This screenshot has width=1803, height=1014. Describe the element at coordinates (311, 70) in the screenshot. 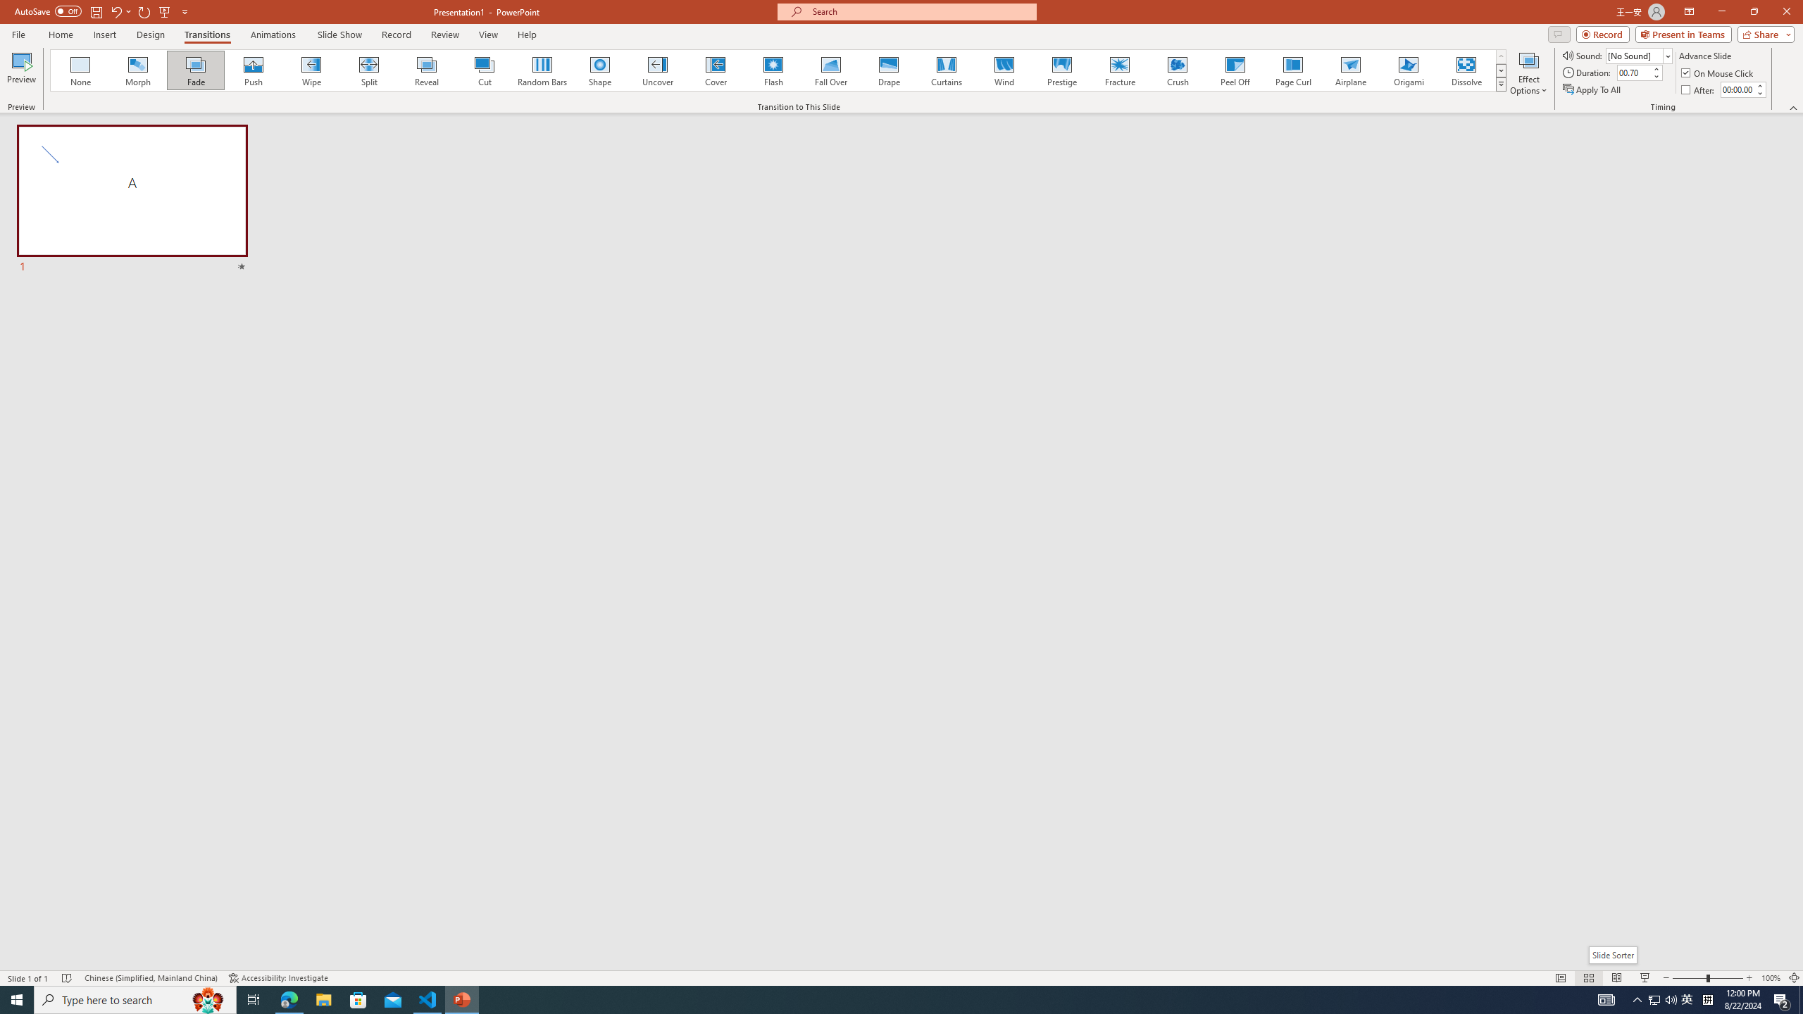

I see `'Wipe'` at that location.